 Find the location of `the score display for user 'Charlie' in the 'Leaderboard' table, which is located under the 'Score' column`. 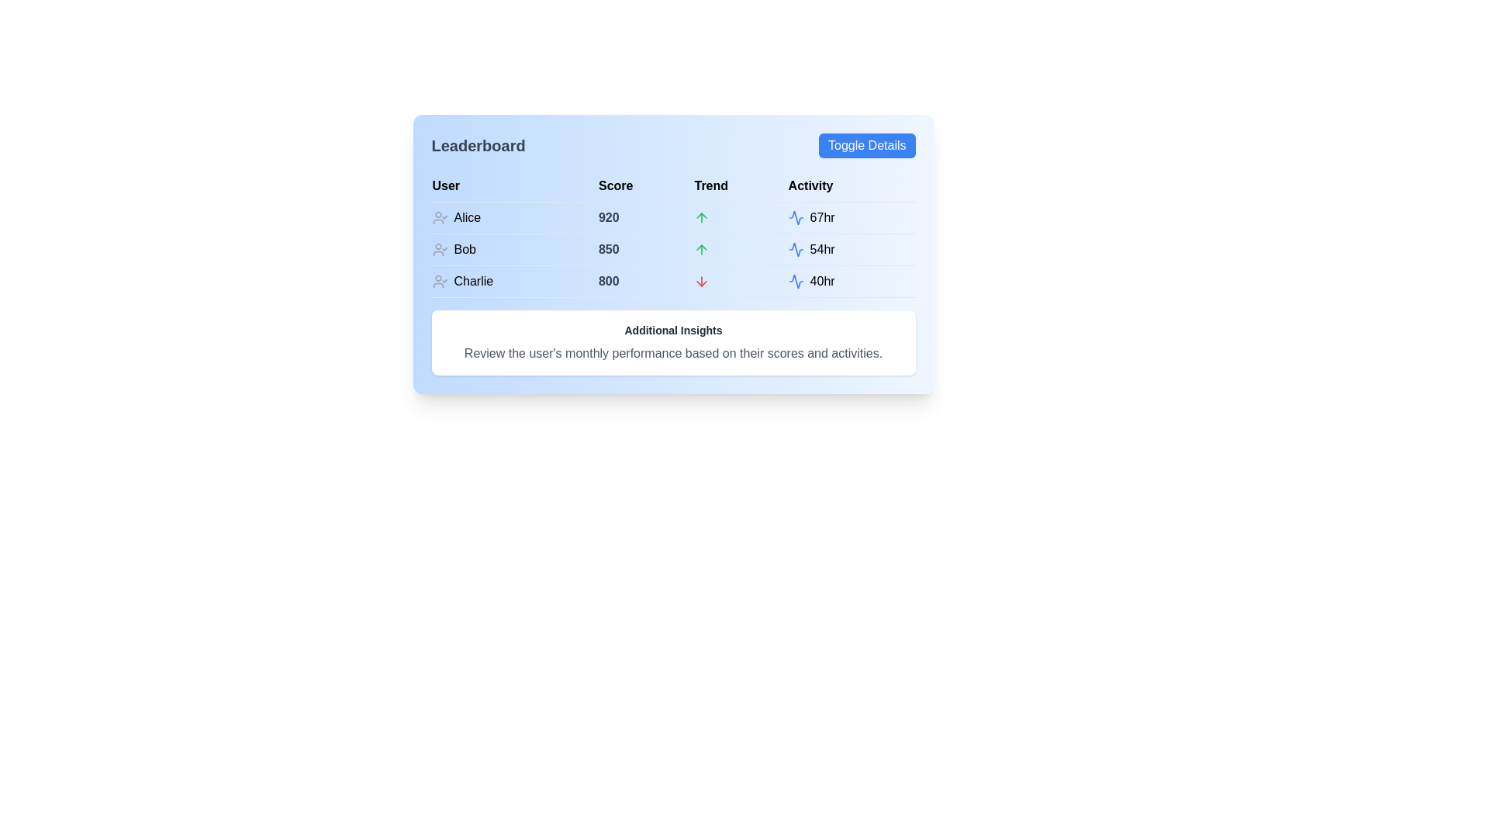

the score display for user 'Charlie' in the 'Leaderboard' table, which is located under the 'Score' column is located at coordinates (645, 281).